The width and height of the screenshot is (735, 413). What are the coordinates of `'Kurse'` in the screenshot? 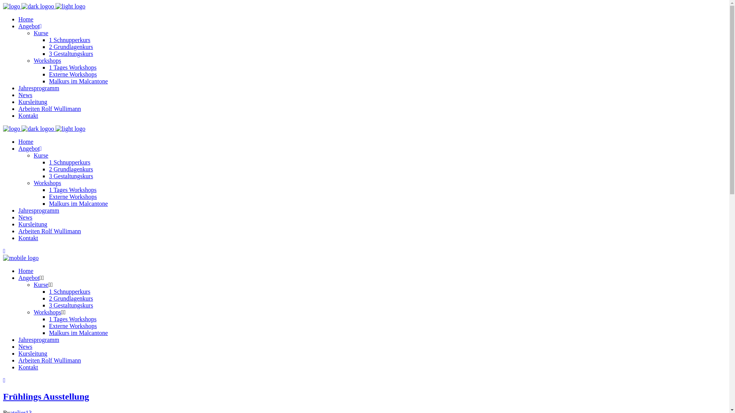 It's located at (40, 155).